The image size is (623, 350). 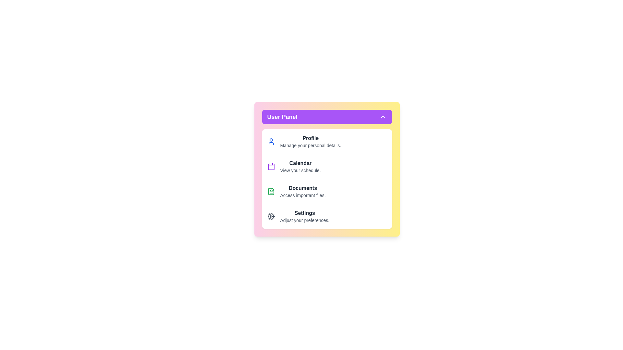 What do you see at coordinates (310, 145) in the screenshot?
I see `the text label that reads 'Manage your personal details.' located under the 'Profile' heading in the user panel` at bounding box center [310, 145].